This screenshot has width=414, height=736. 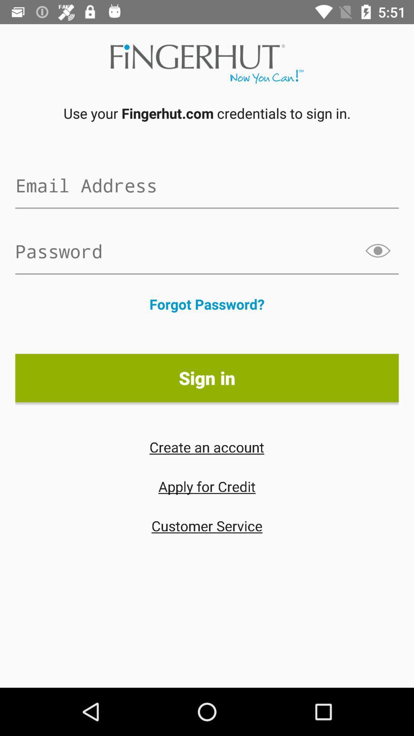 What do you see at coordinates (206, 447) in the screenshot?
I see `create an account icon` at bounding box center [206, 447].